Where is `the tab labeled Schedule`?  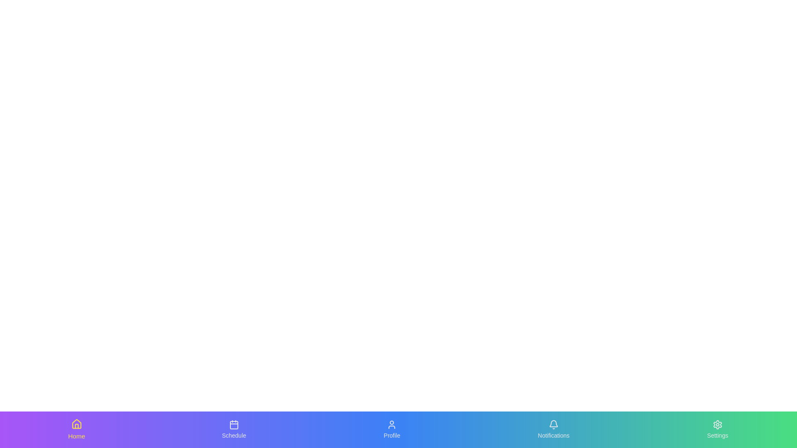
the tab labeled Schedule is located at coordinates (233, 429).